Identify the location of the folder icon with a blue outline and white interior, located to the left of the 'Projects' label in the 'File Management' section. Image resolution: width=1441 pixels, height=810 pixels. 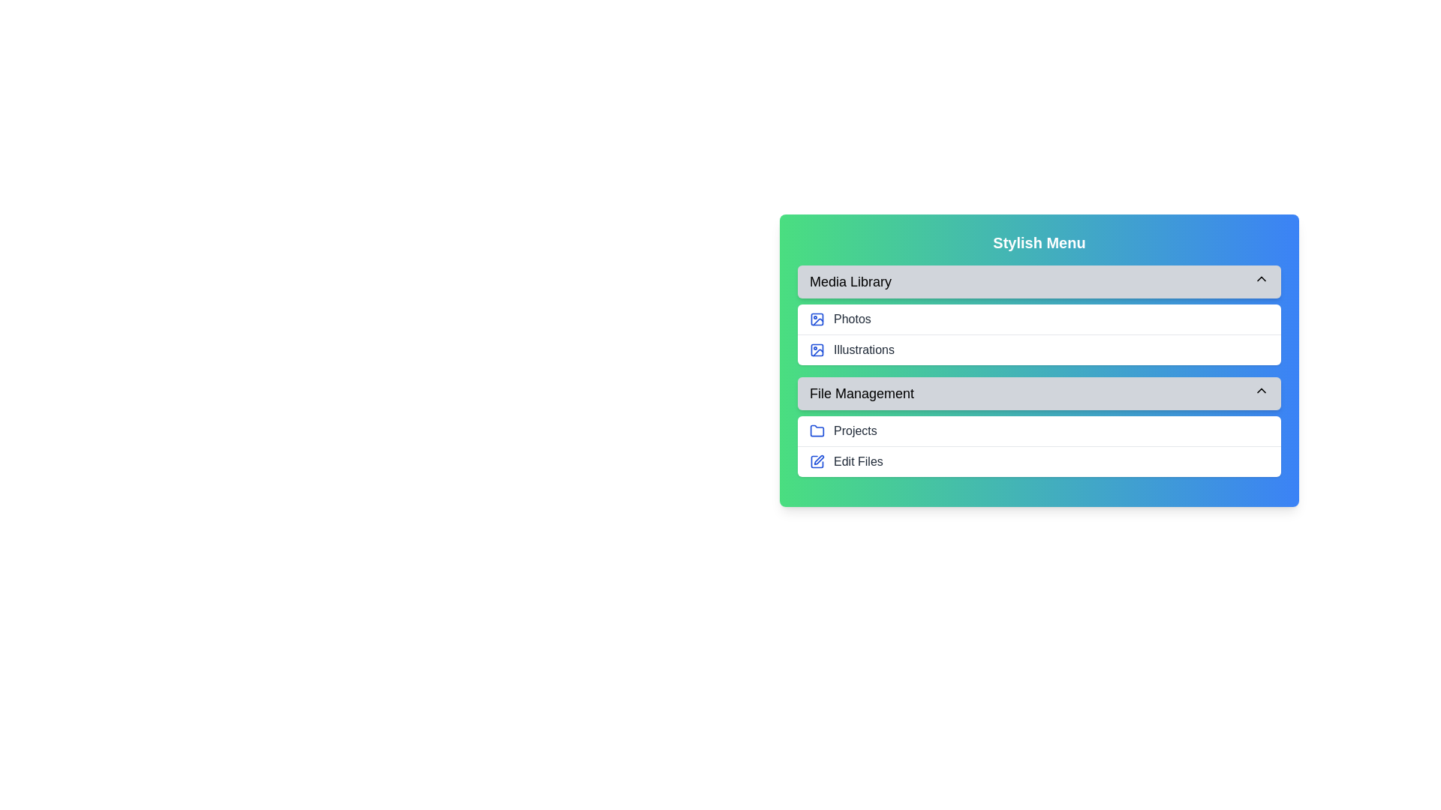
(817, 430).